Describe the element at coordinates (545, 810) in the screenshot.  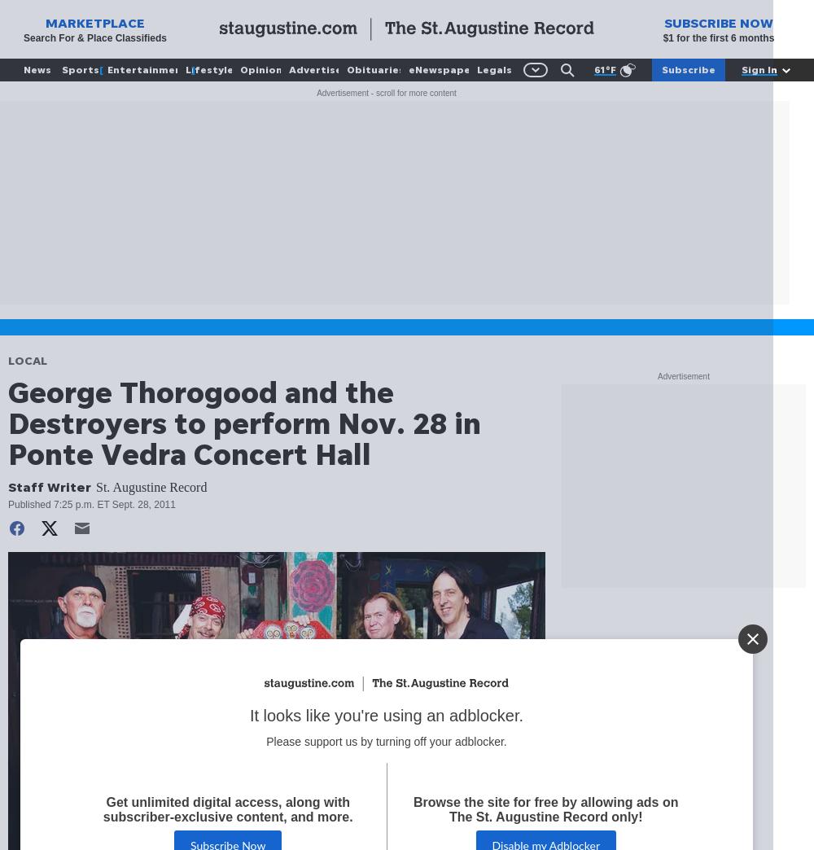
I see `'Browse the site for free by allowing ads on The St. Augustine Record only!'` at that location.